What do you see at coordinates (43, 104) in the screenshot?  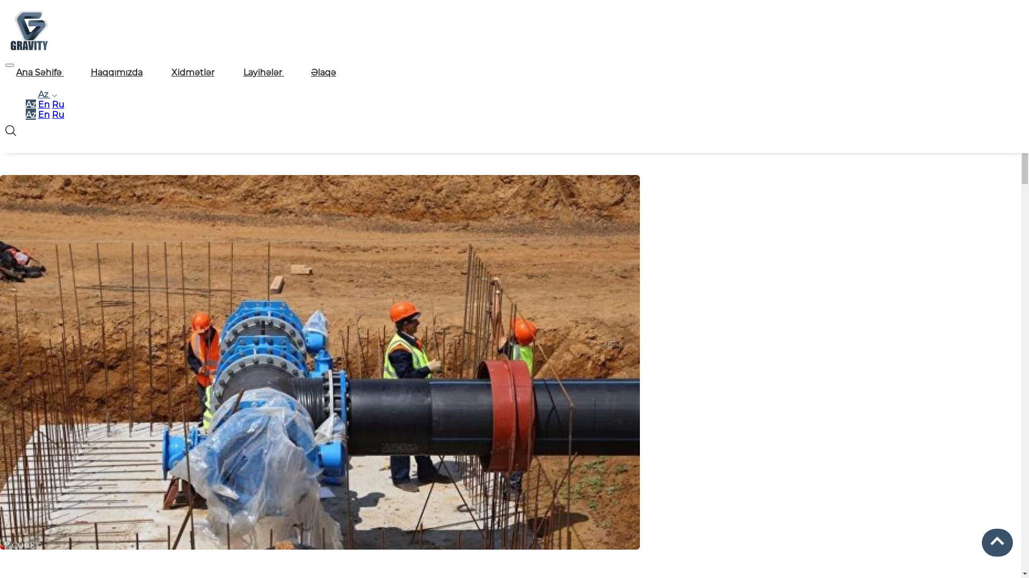 I see `'En'` at bounding box center [43, 104].